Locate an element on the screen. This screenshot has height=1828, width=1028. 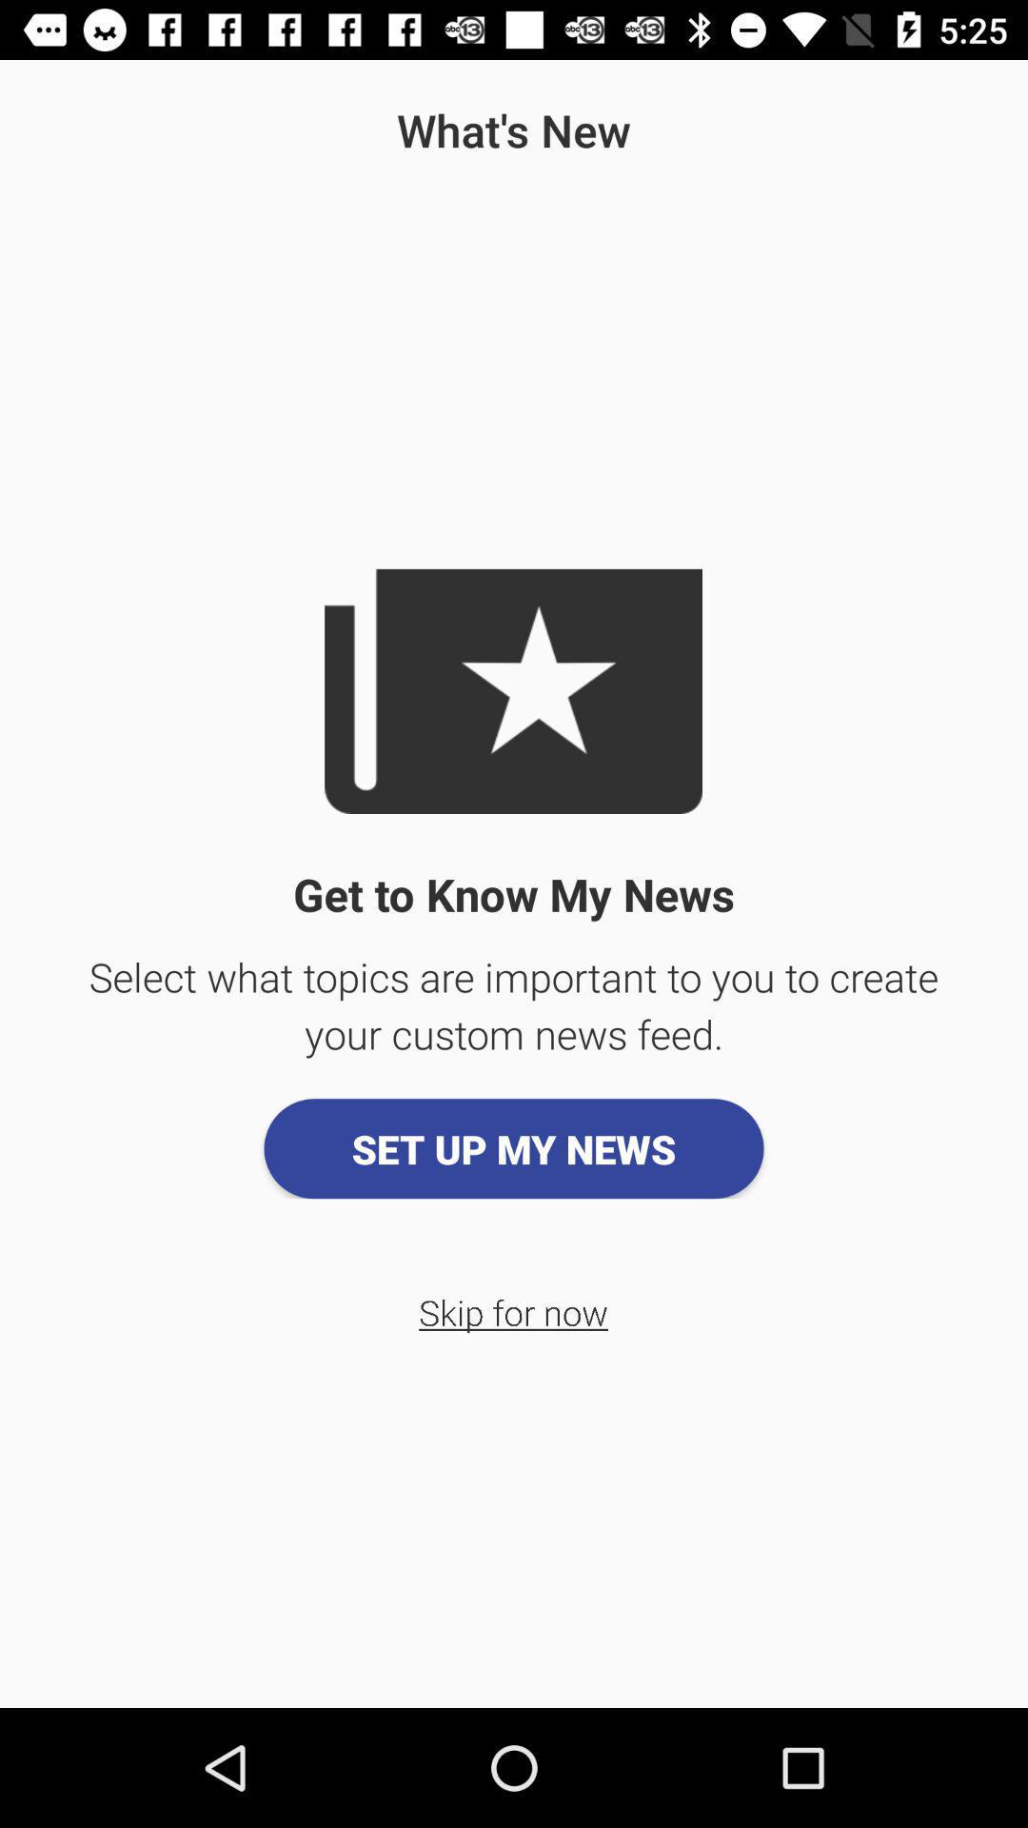
the icon below set up my icon is located at coordinates (512, 1311).